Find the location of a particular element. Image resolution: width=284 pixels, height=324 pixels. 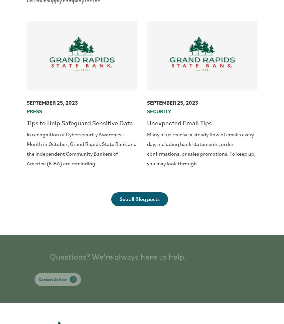

'Unexpected Email Tips' is located at coordinates (179, 123).